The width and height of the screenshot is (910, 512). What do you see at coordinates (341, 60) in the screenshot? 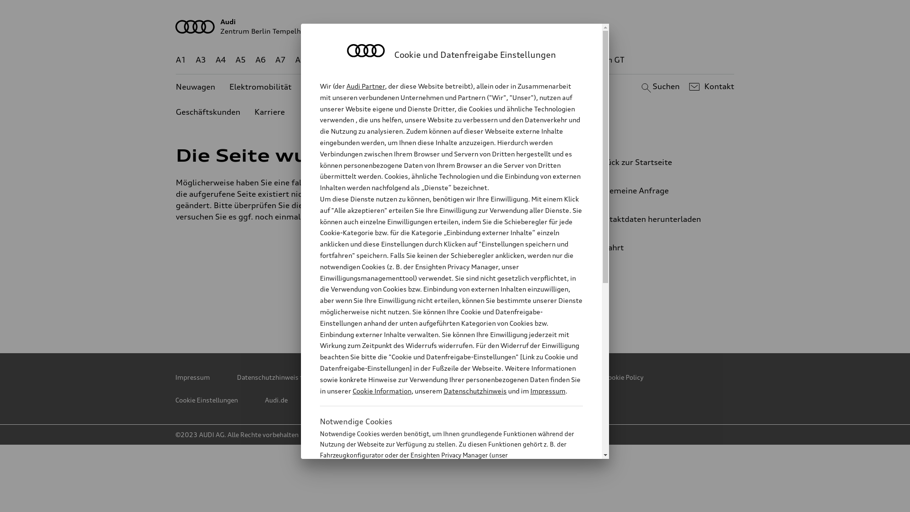
I see `'Q3'` at bounding box center [341, 60].